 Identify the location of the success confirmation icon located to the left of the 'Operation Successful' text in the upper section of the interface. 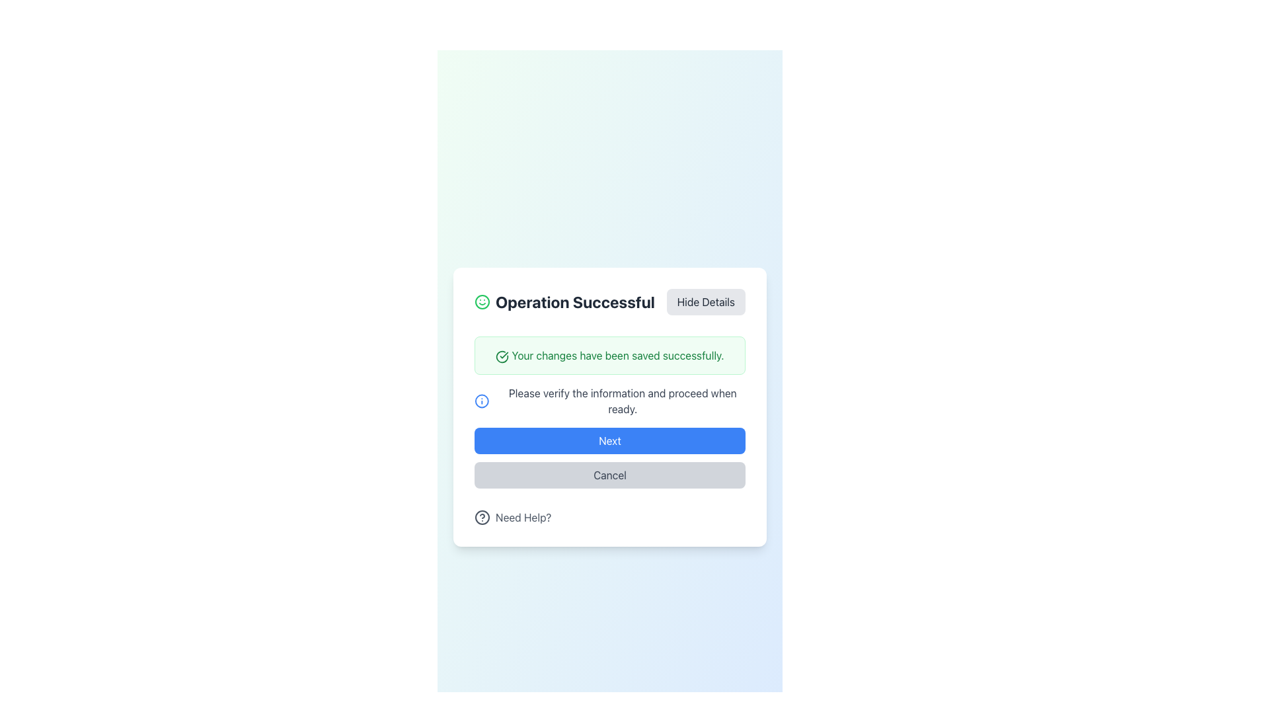
(481, 301).